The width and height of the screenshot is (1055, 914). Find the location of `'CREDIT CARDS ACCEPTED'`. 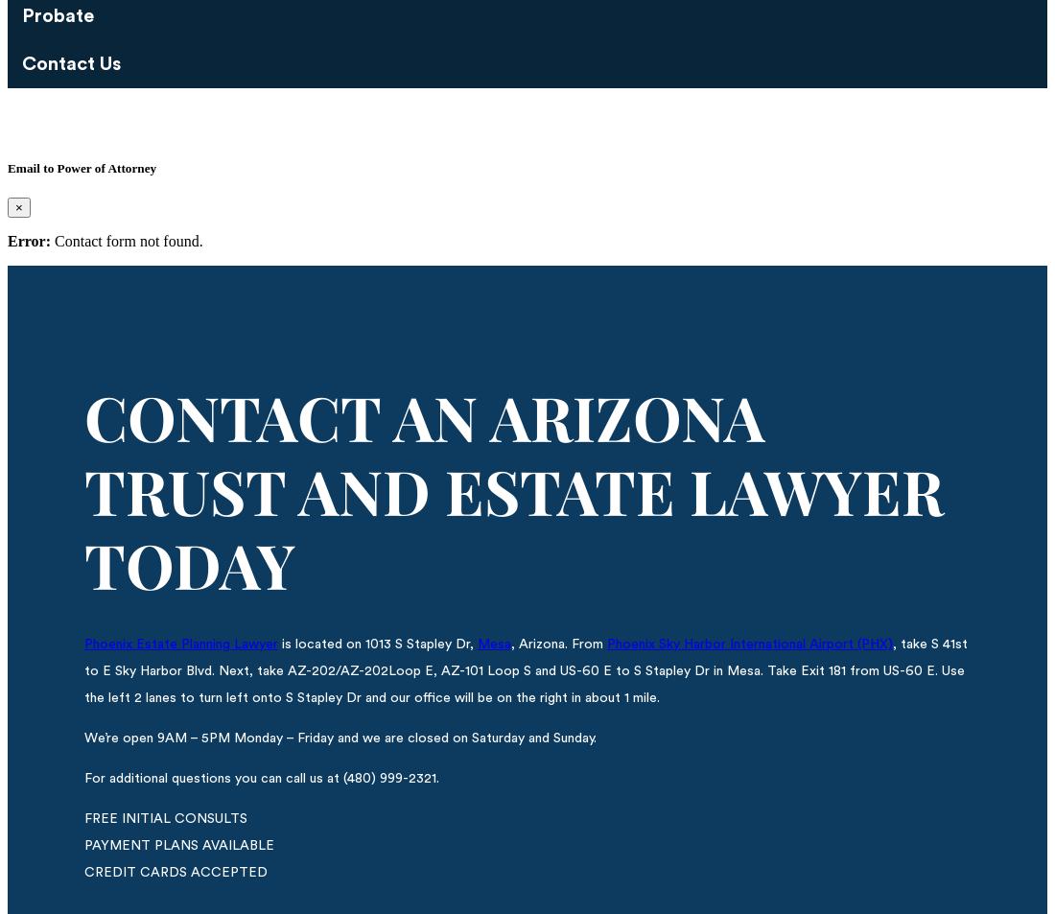

'CREDIT CARDS ACCEPTED' is located at coordinates (84, 871).